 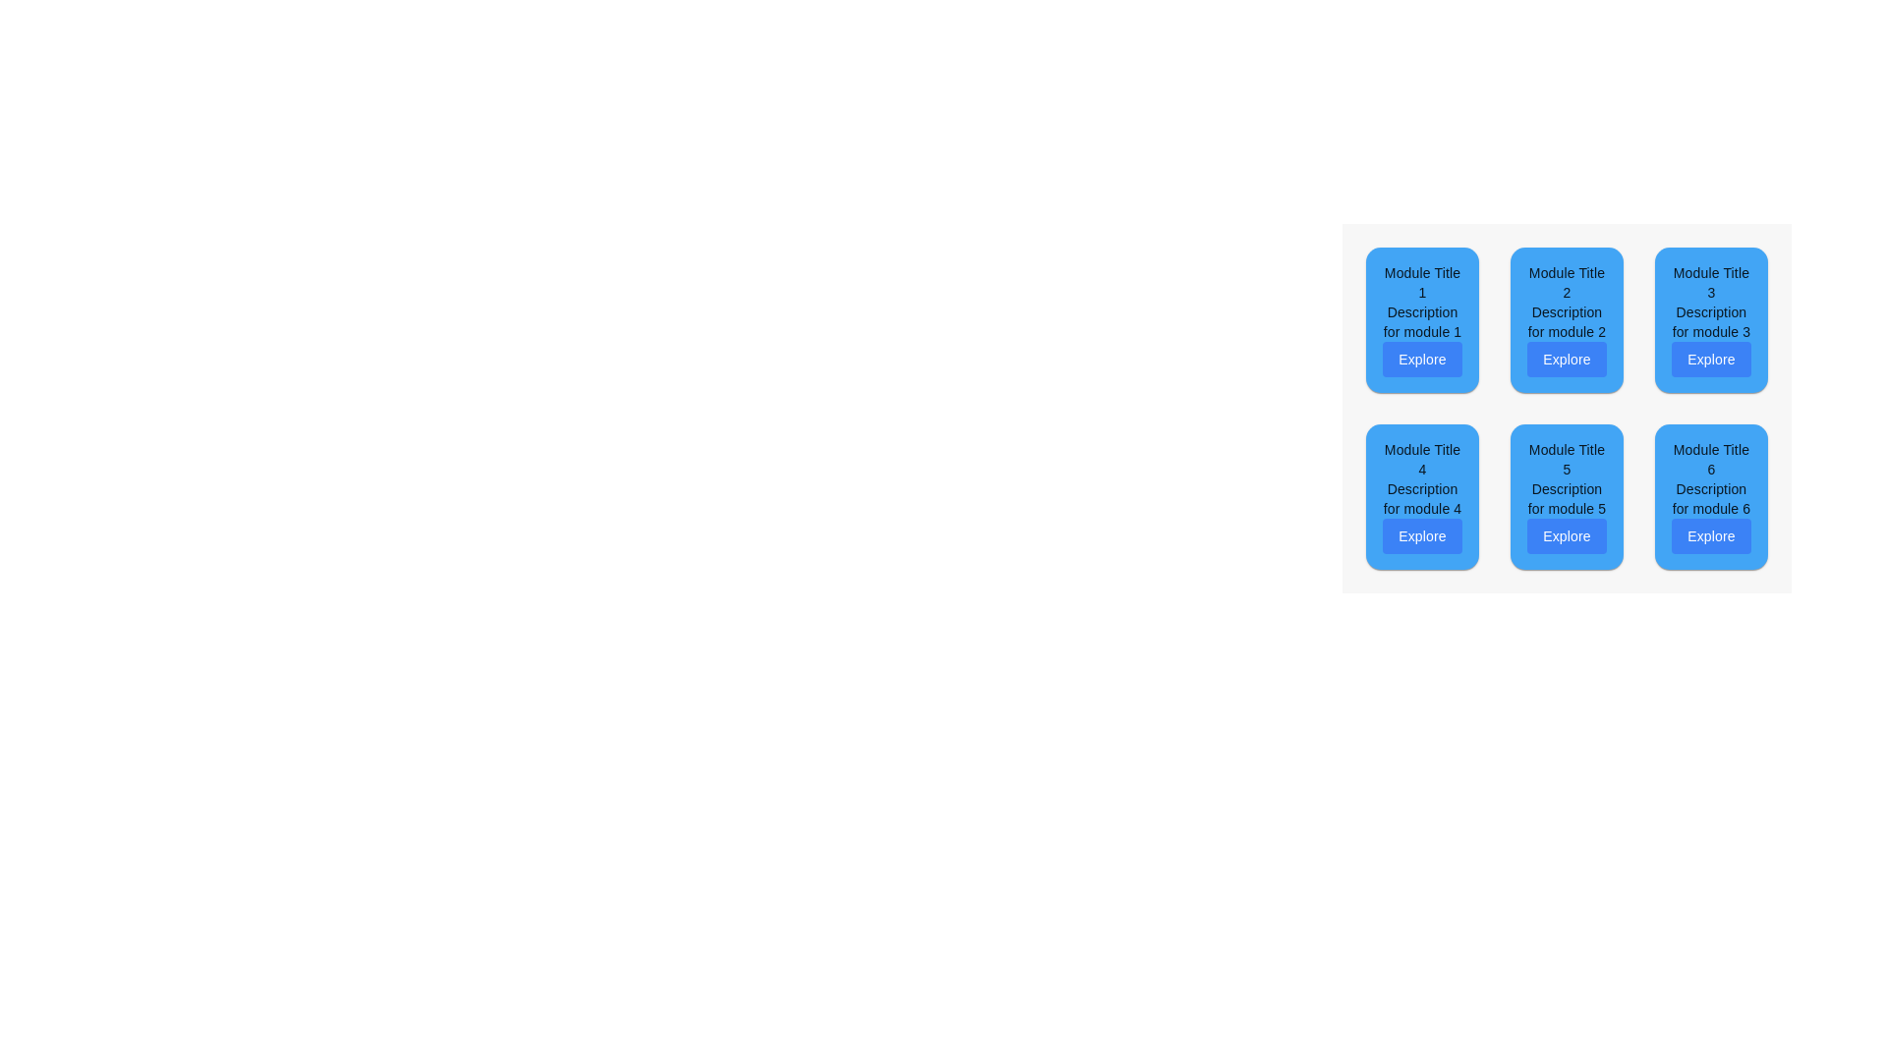 What do you see at coordinates (1422, 460) in the screenshot?
I see `the static text label 'Module Title 4', which is styled in bold black text on a blue background, located in the first card of the second row in a 2x3 grid` at bounding box center [1422, 460].